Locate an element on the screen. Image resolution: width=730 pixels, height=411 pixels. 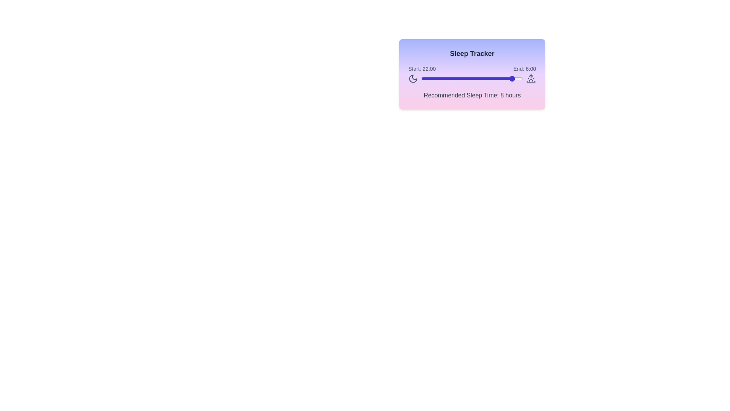
the moon icon to interact with it is located at coordinates (413, 79).